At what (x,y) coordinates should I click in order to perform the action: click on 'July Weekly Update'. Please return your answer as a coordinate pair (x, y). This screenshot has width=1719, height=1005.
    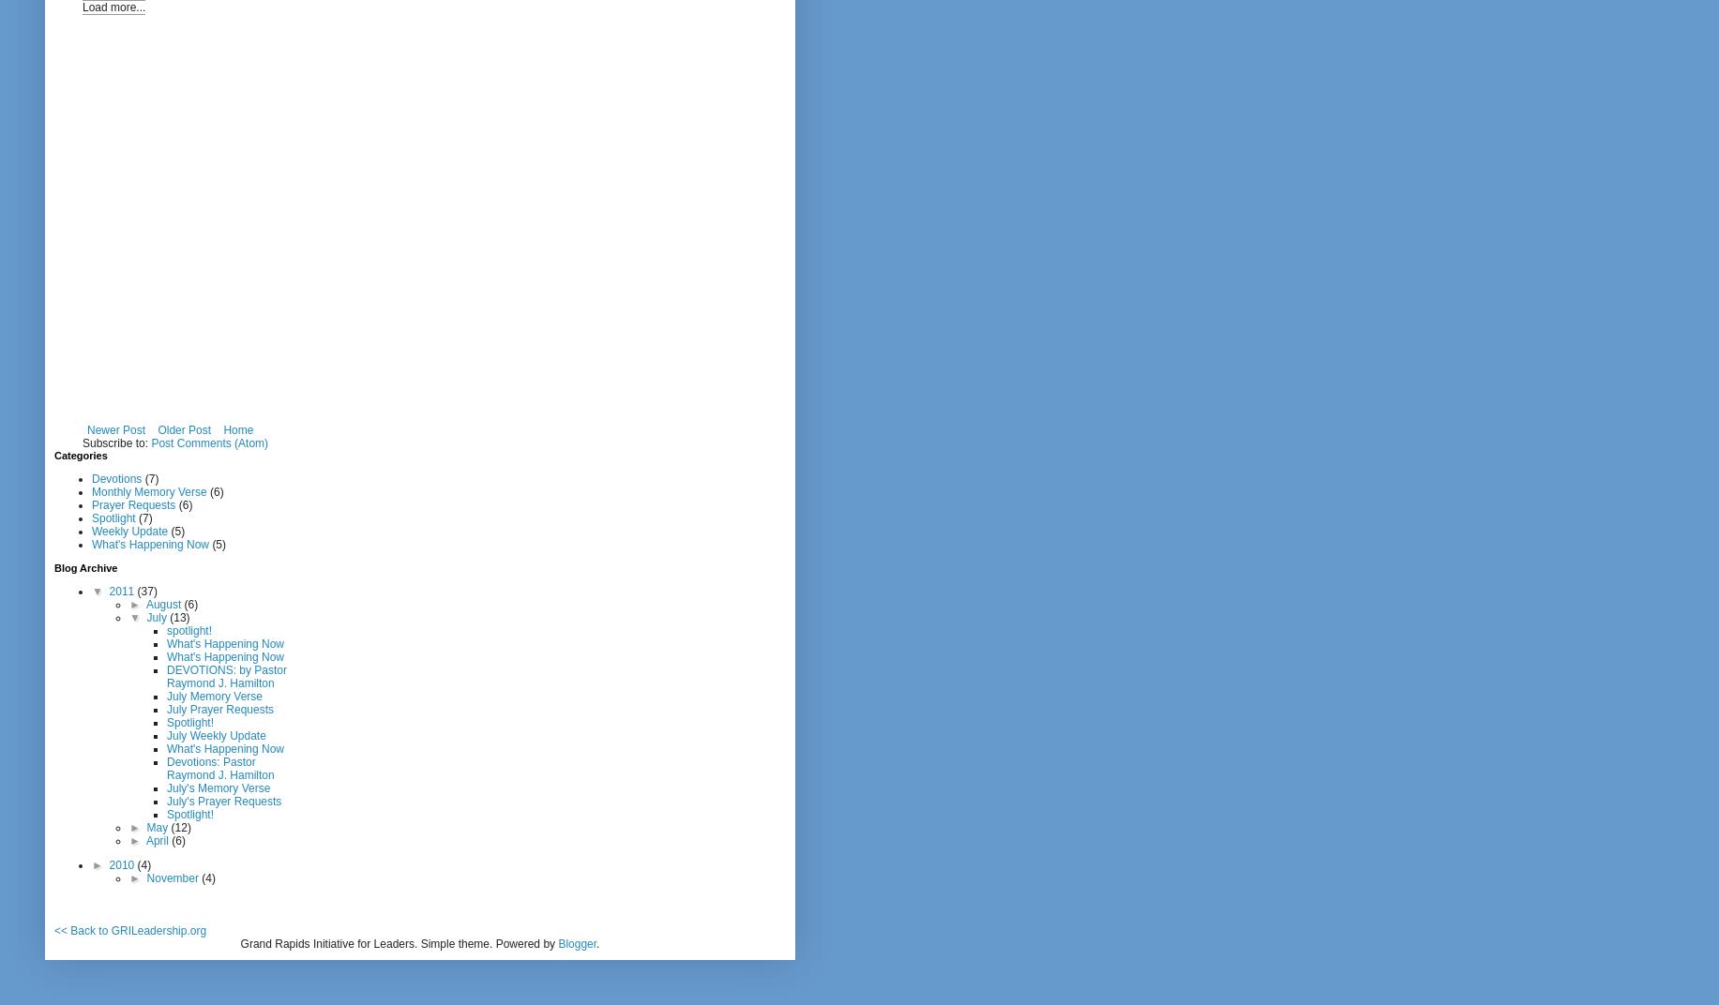
    Looking at the image, I should click on (165, 734).